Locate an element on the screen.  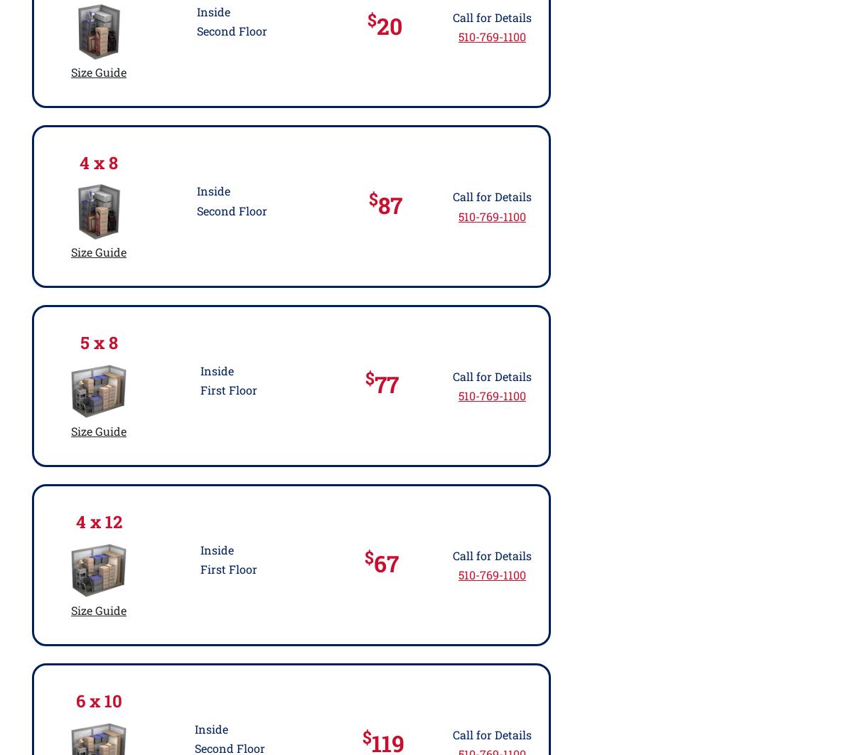
'6 x 10' is located at coordinates (98, 700).